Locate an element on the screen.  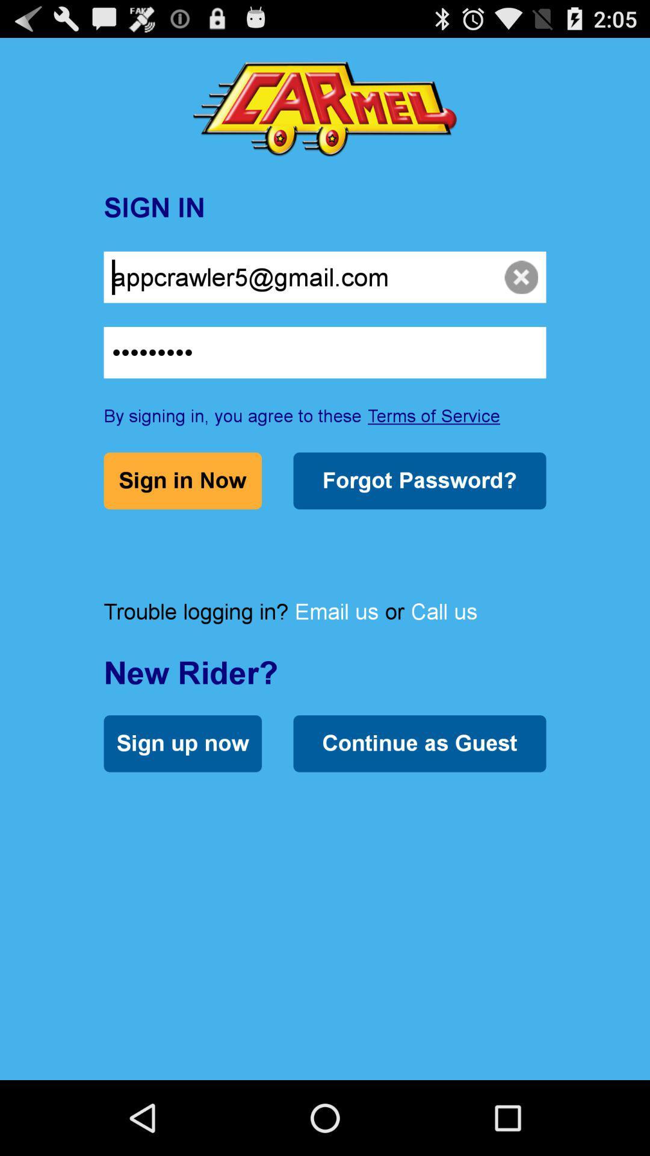
email us is located at coordinates (336, 611).